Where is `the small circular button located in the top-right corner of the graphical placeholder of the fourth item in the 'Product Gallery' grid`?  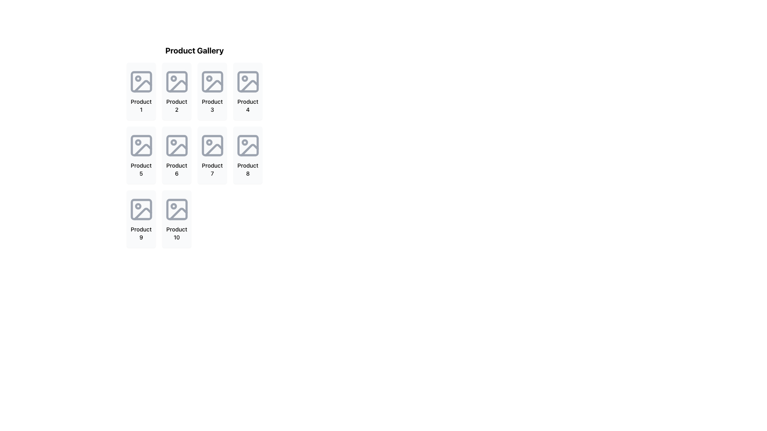
the small circular button located in the top-right corner of the graphical placeholder of the fourth item in the 'Product Gallery' grid is located at coordinates (244, 78).